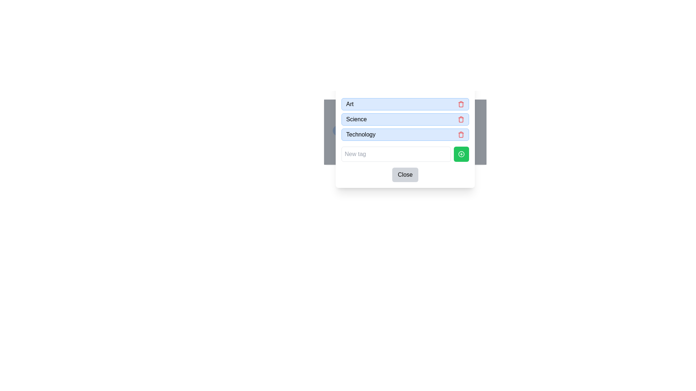  Describe the element at coordinates (397, 131) in the screenshot. I see `the blue capsule-shaped label with the text 'Technology'` at that location.